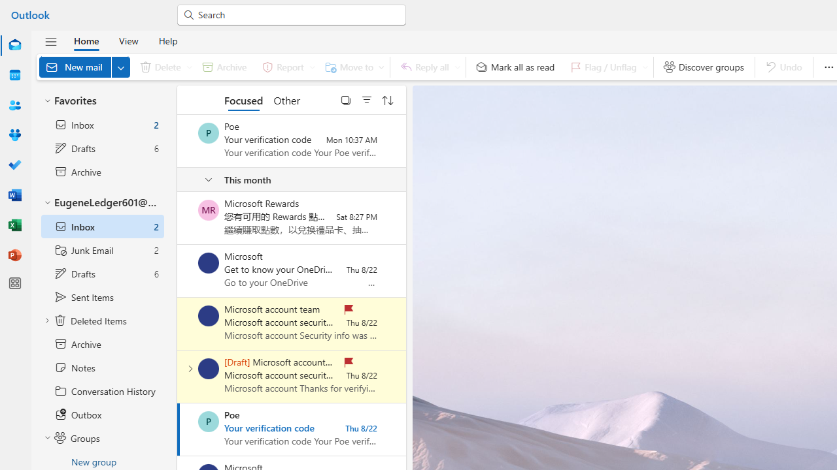 The width and height of the screenshot is (837, 470). I want to click on 'Filter', so click(366, 99).